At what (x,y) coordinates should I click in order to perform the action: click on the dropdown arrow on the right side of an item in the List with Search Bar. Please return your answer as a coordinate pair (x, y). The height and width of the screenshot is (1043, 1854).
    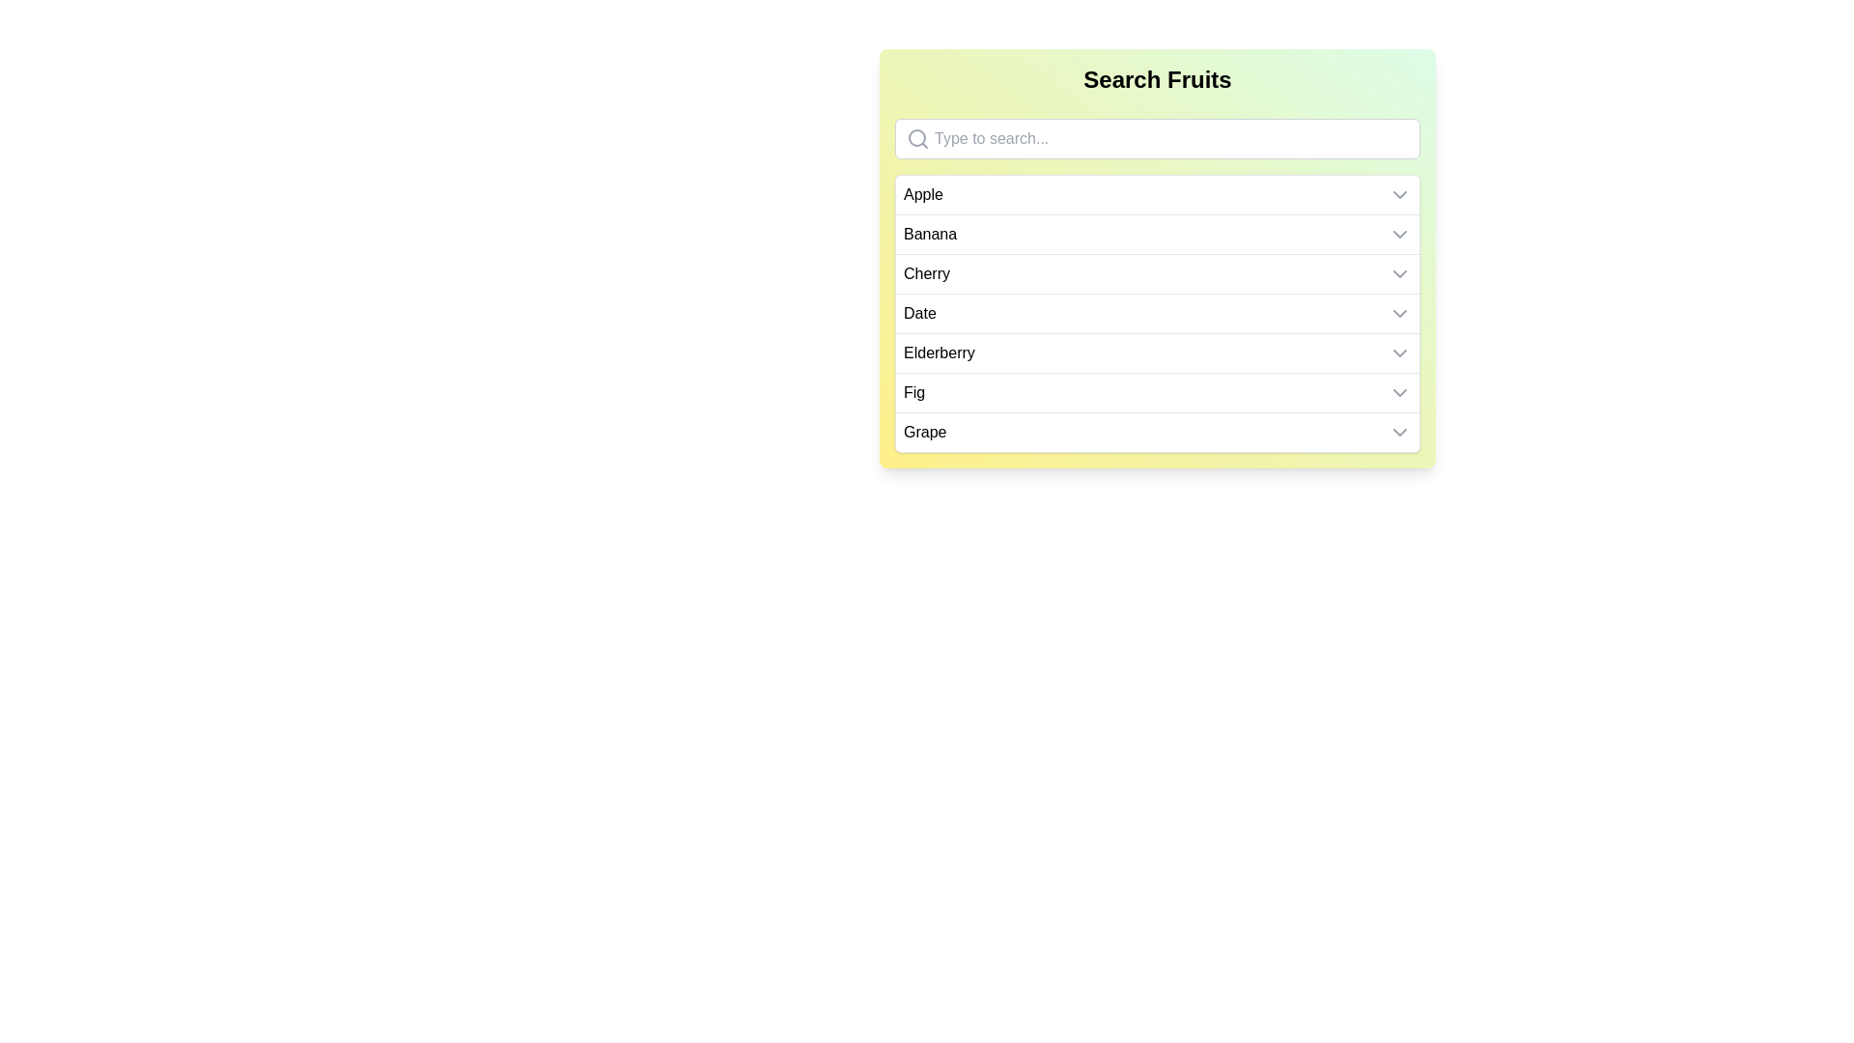
    Looking at the image, I should click on (1158, 257).